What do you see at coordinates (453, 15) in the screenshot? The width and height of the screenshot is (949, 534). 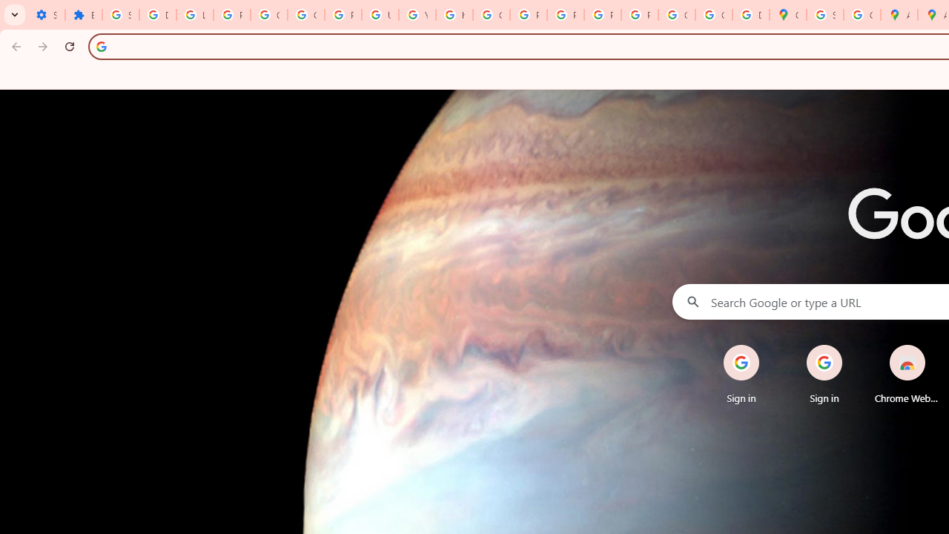 I see `'https://scholar.google.com/'` at bounding box center [453, 15].